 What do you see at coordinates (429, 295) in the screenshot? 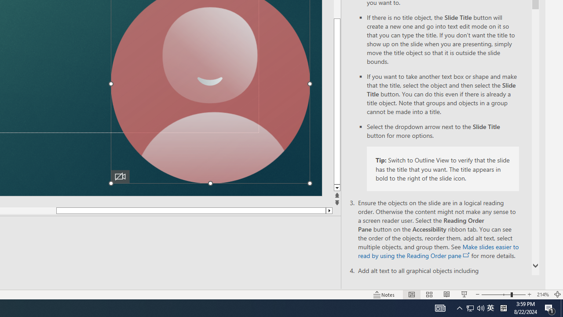
I see `'Slide Sorter'` at bounding box center [429, 295].